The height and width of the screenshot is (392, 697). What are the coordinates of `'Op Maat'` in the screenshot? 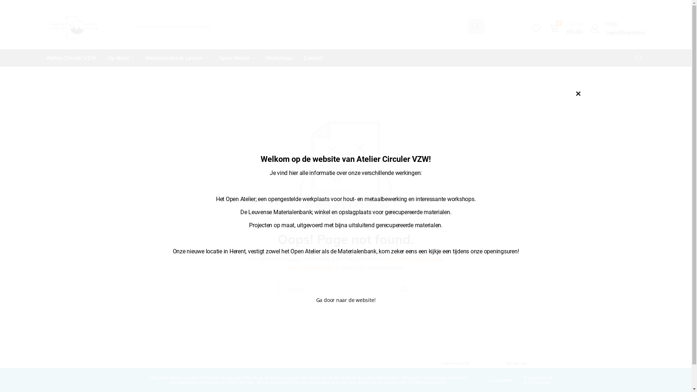 It's located at (120, 57).